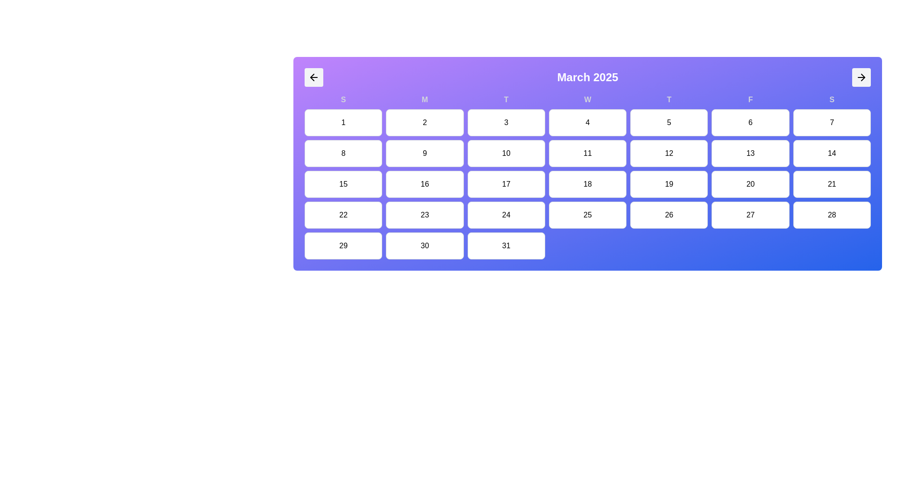 The height and width of the screenshot is (504, 897). I want to click on the calendar date item representing the fifth day of March 2025, so click(669, 122).